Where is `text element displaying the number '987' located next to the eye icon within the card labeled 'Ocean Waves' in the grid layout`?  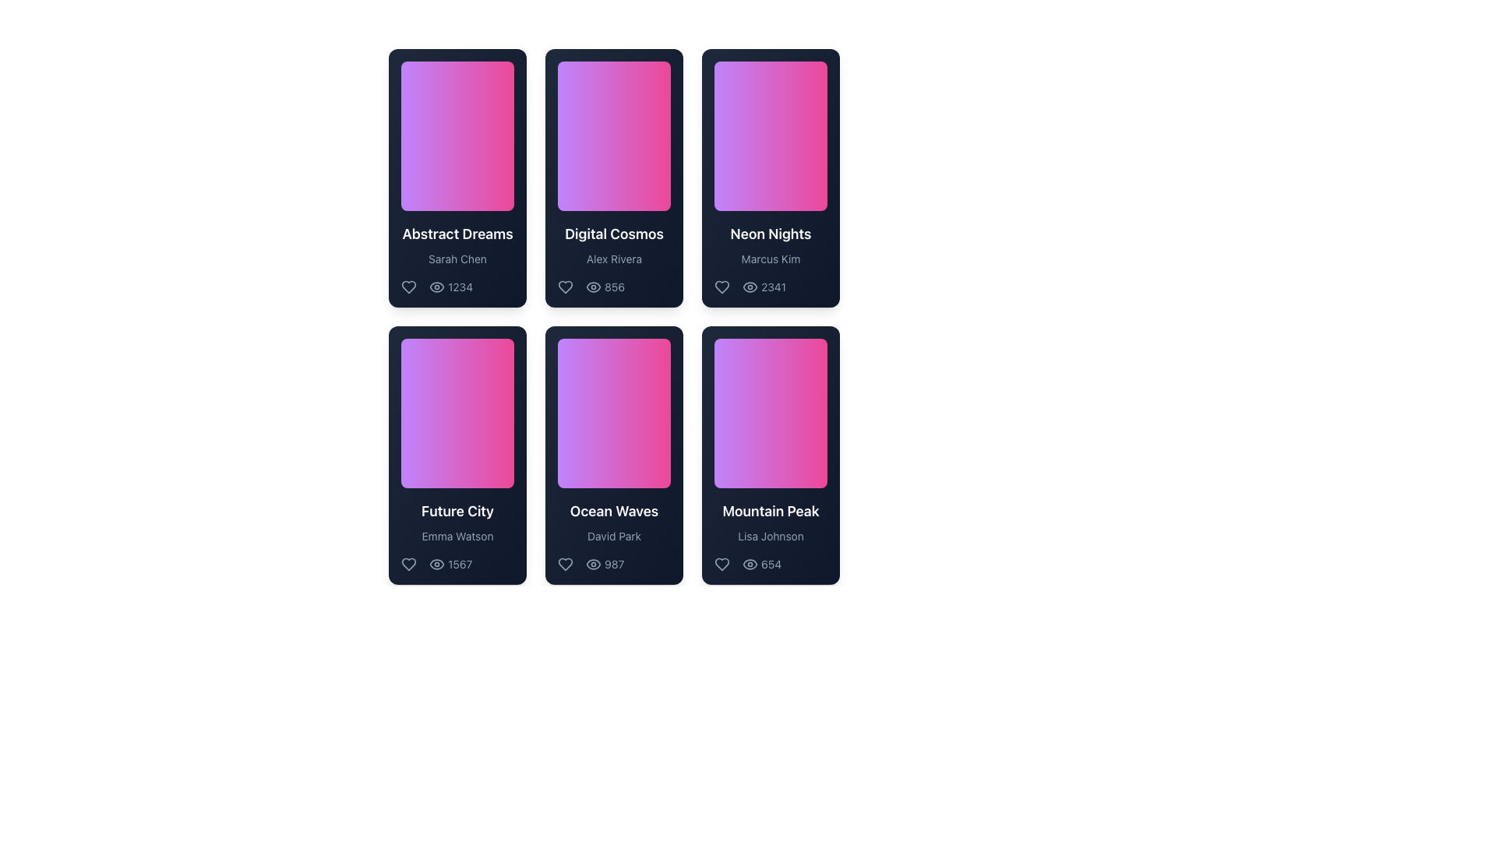
text element displaying the number '987' located next to the eye icon within the card labeled 'Ocean Waves' in the grid layout is located at coordinates (613, 565).